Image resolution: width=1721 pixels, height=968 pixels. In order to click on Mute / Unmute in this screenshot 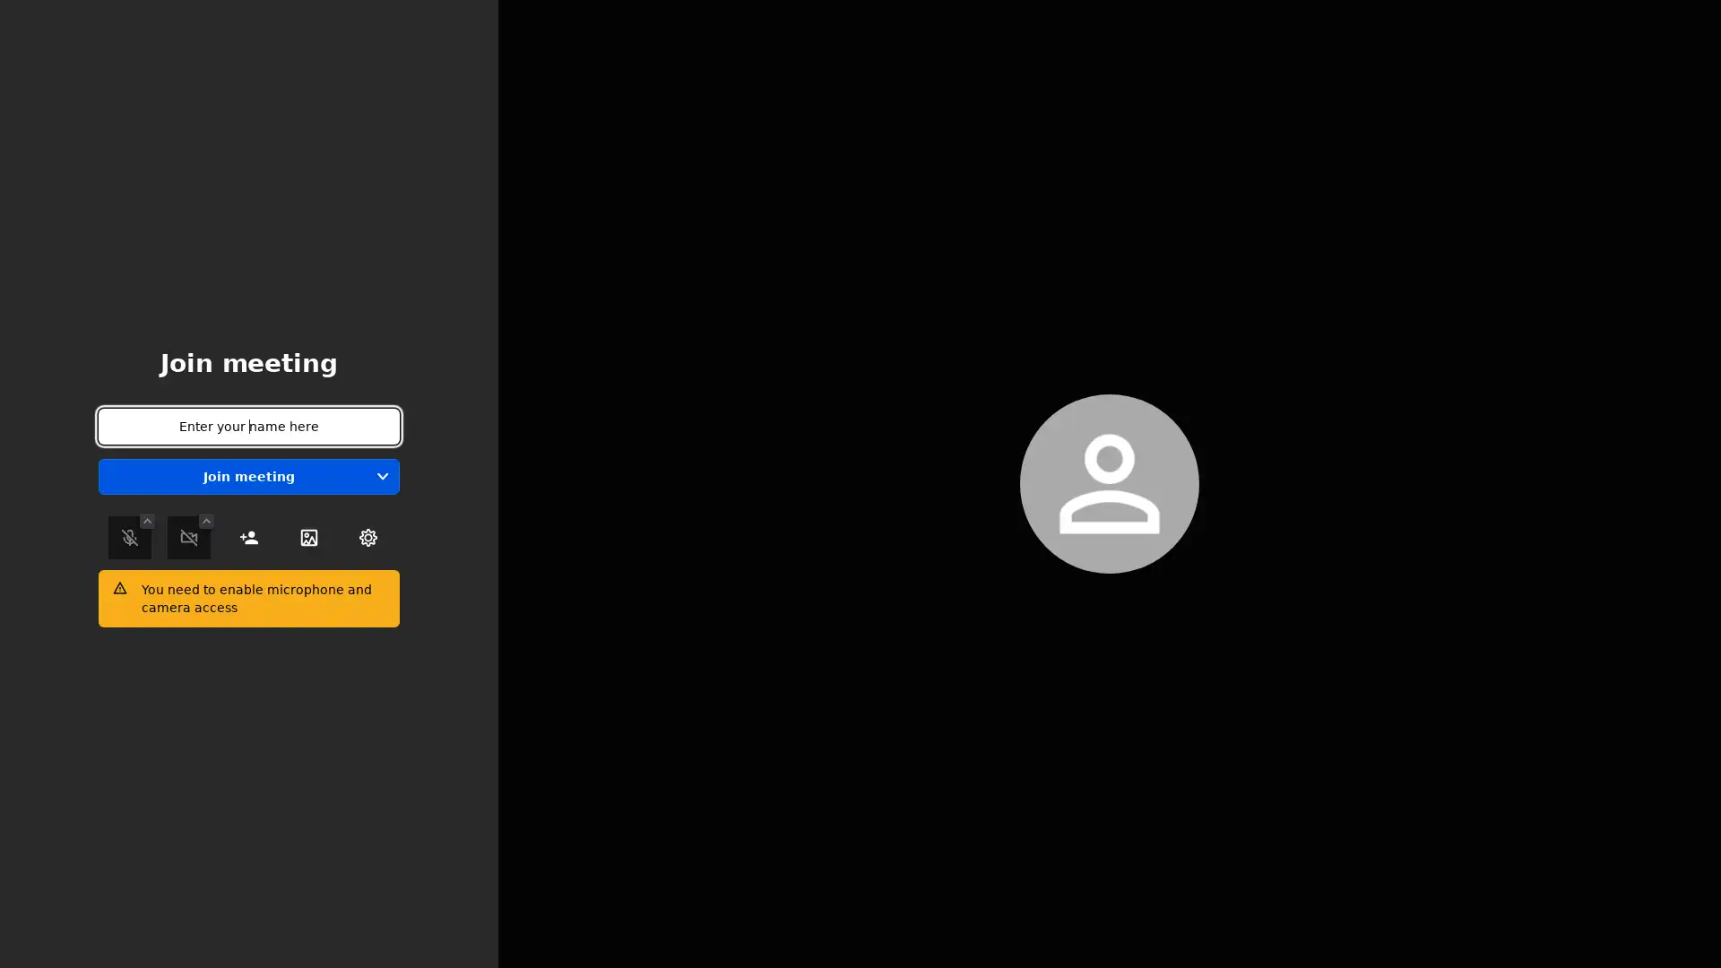, I will do `click(128, 537)`.